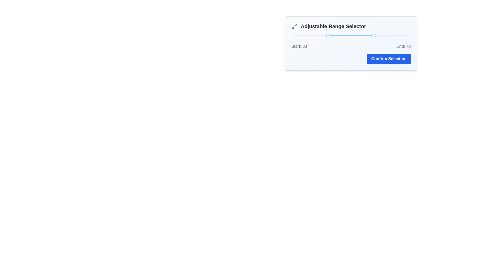 This screenshot has height=279, width=496. Describe the element at coordinates (352, 35) in the screenshot. I see `the slider` at that location.